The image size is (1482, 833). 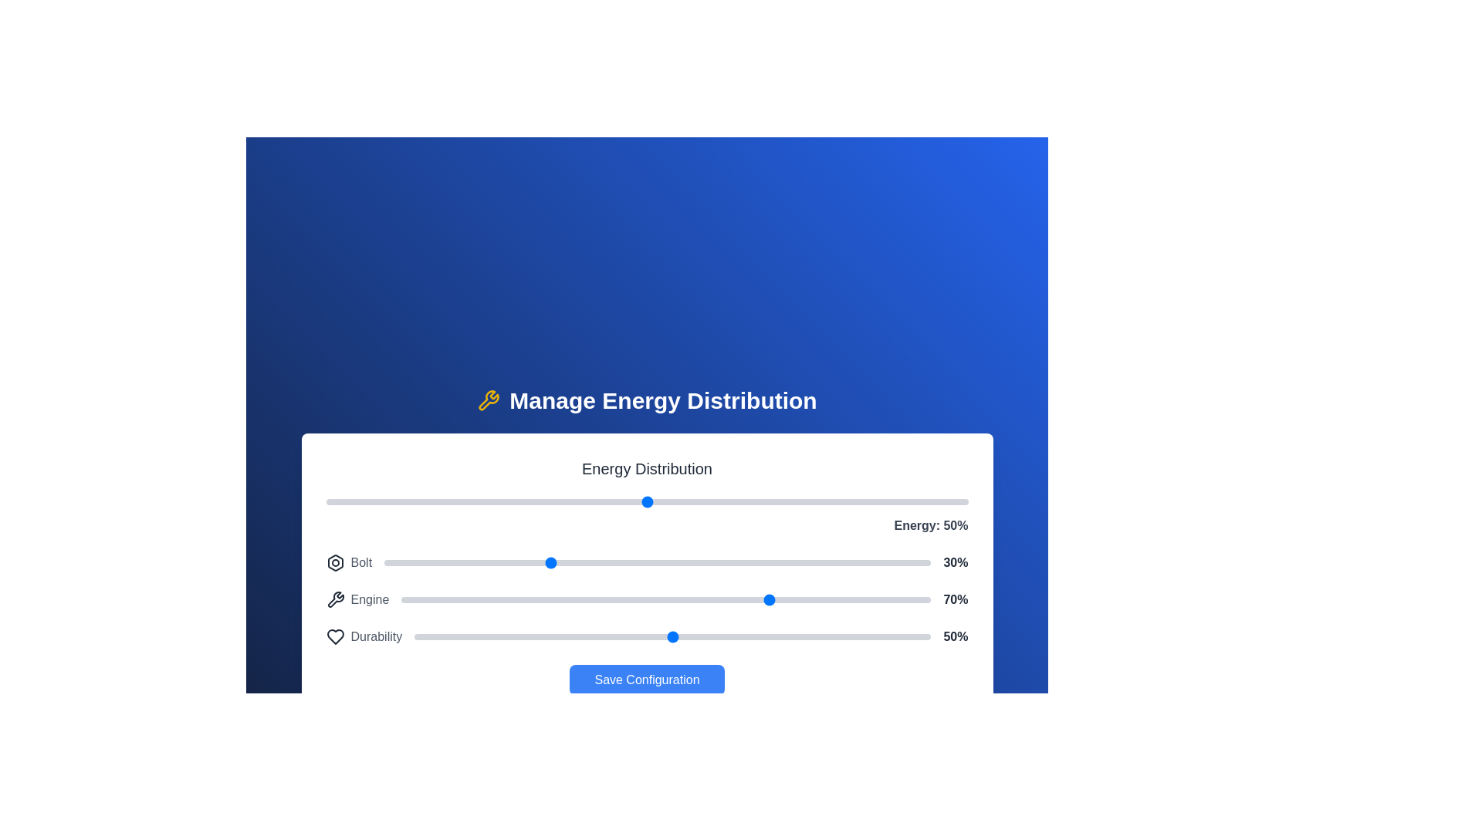 What do you see at coordinates (350, 502) in the screenshot?
I see `the main energy slider to 4%` at bounding box center [350, 502].